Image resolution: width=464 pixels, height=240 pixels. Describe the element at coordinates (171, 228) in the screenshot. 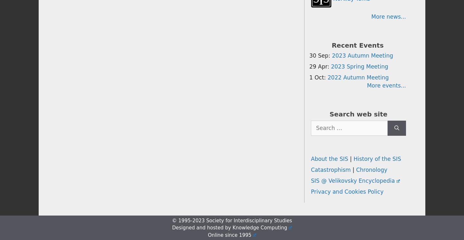

I see `'Designed and hosted by'` at that location.